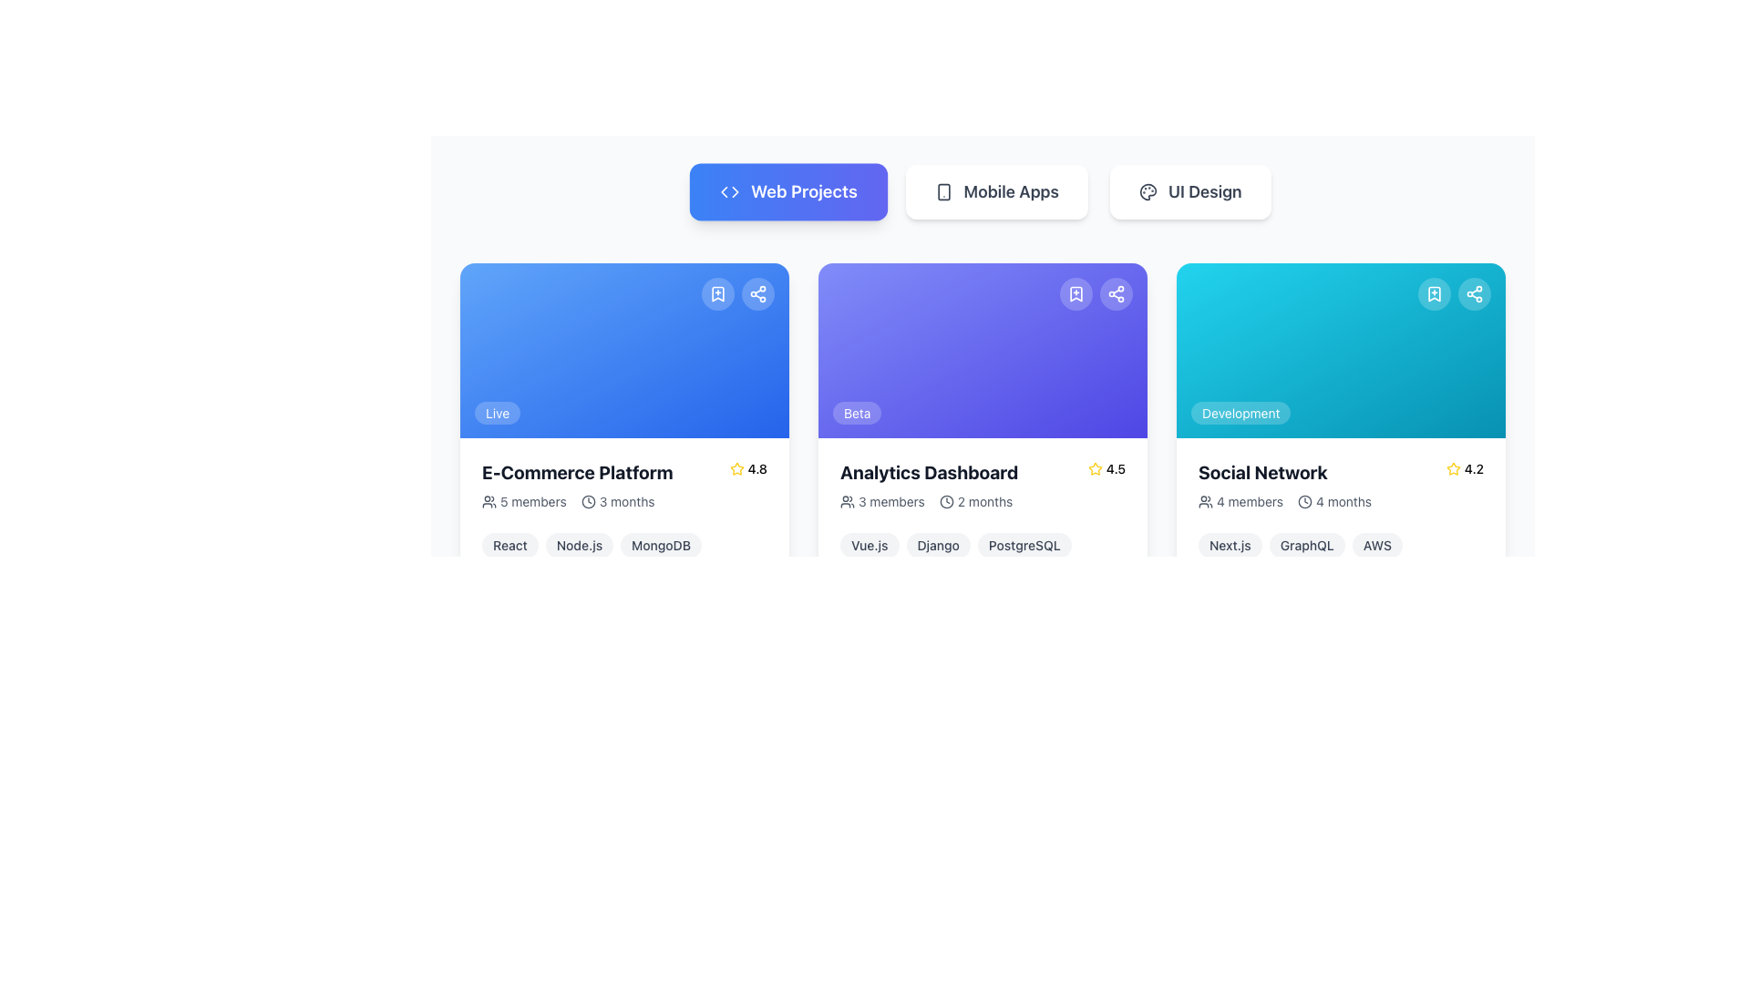  I want to click on the status badge indicating that the associated project or card is currently live, located at the bottom left corner of the card's gradient background, so click(498, 412).